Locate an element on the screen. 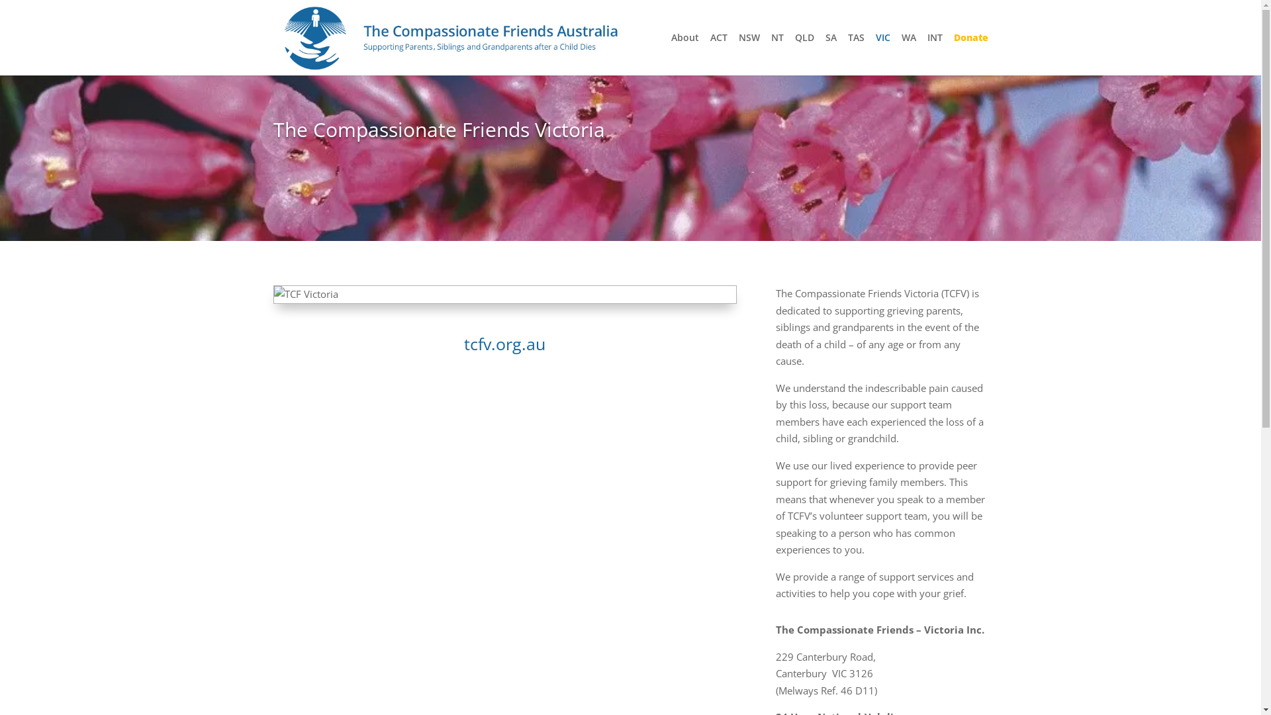 The image size is (1271, 715). 'NSW' is located at coordinates (749, 53).